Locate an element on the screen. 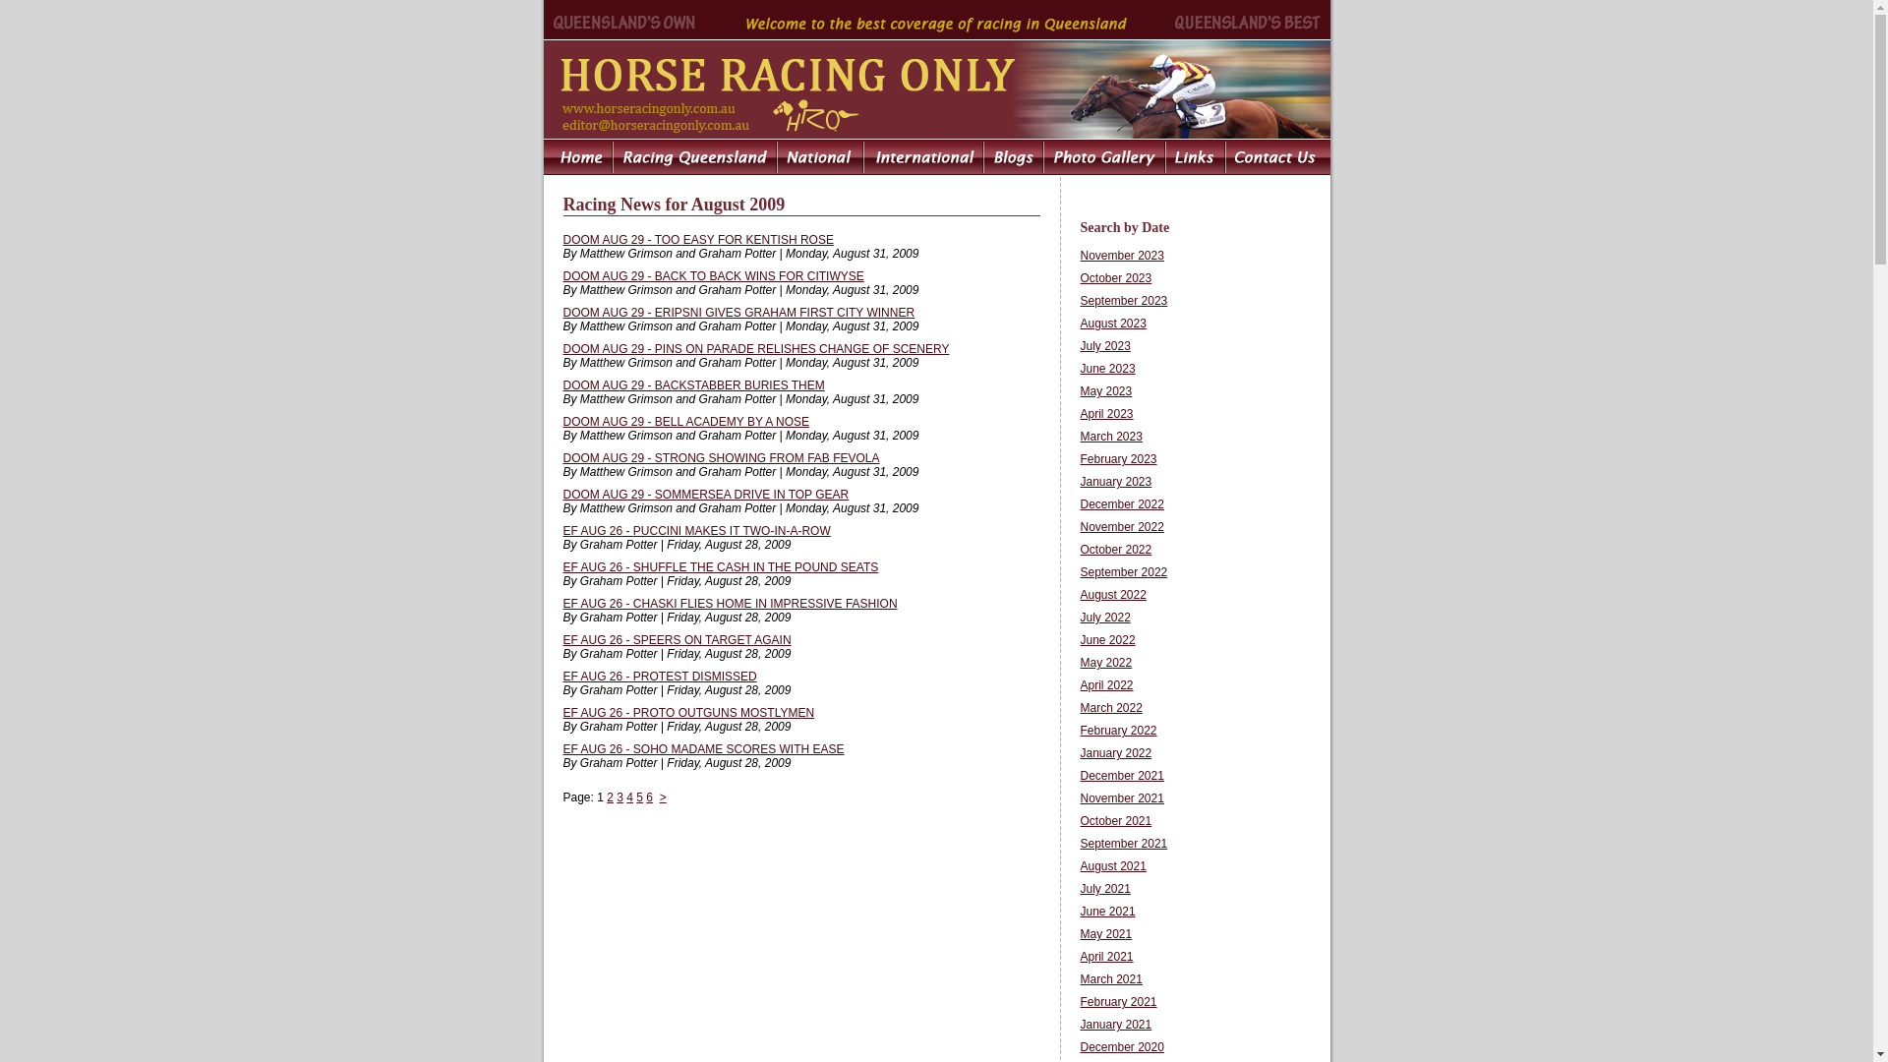  'EF AUG 26 - SPEERS ON TARGET AGAIN' is located at coordinates (676, 640).